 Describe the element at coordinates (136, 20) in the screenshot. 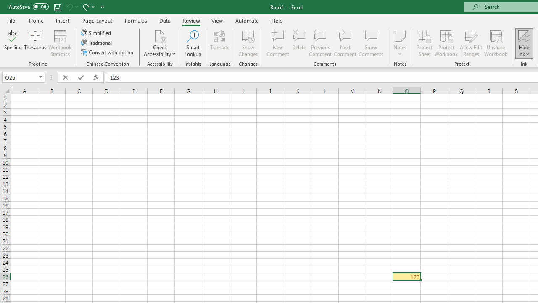

I see `'Formulas'` at that location.